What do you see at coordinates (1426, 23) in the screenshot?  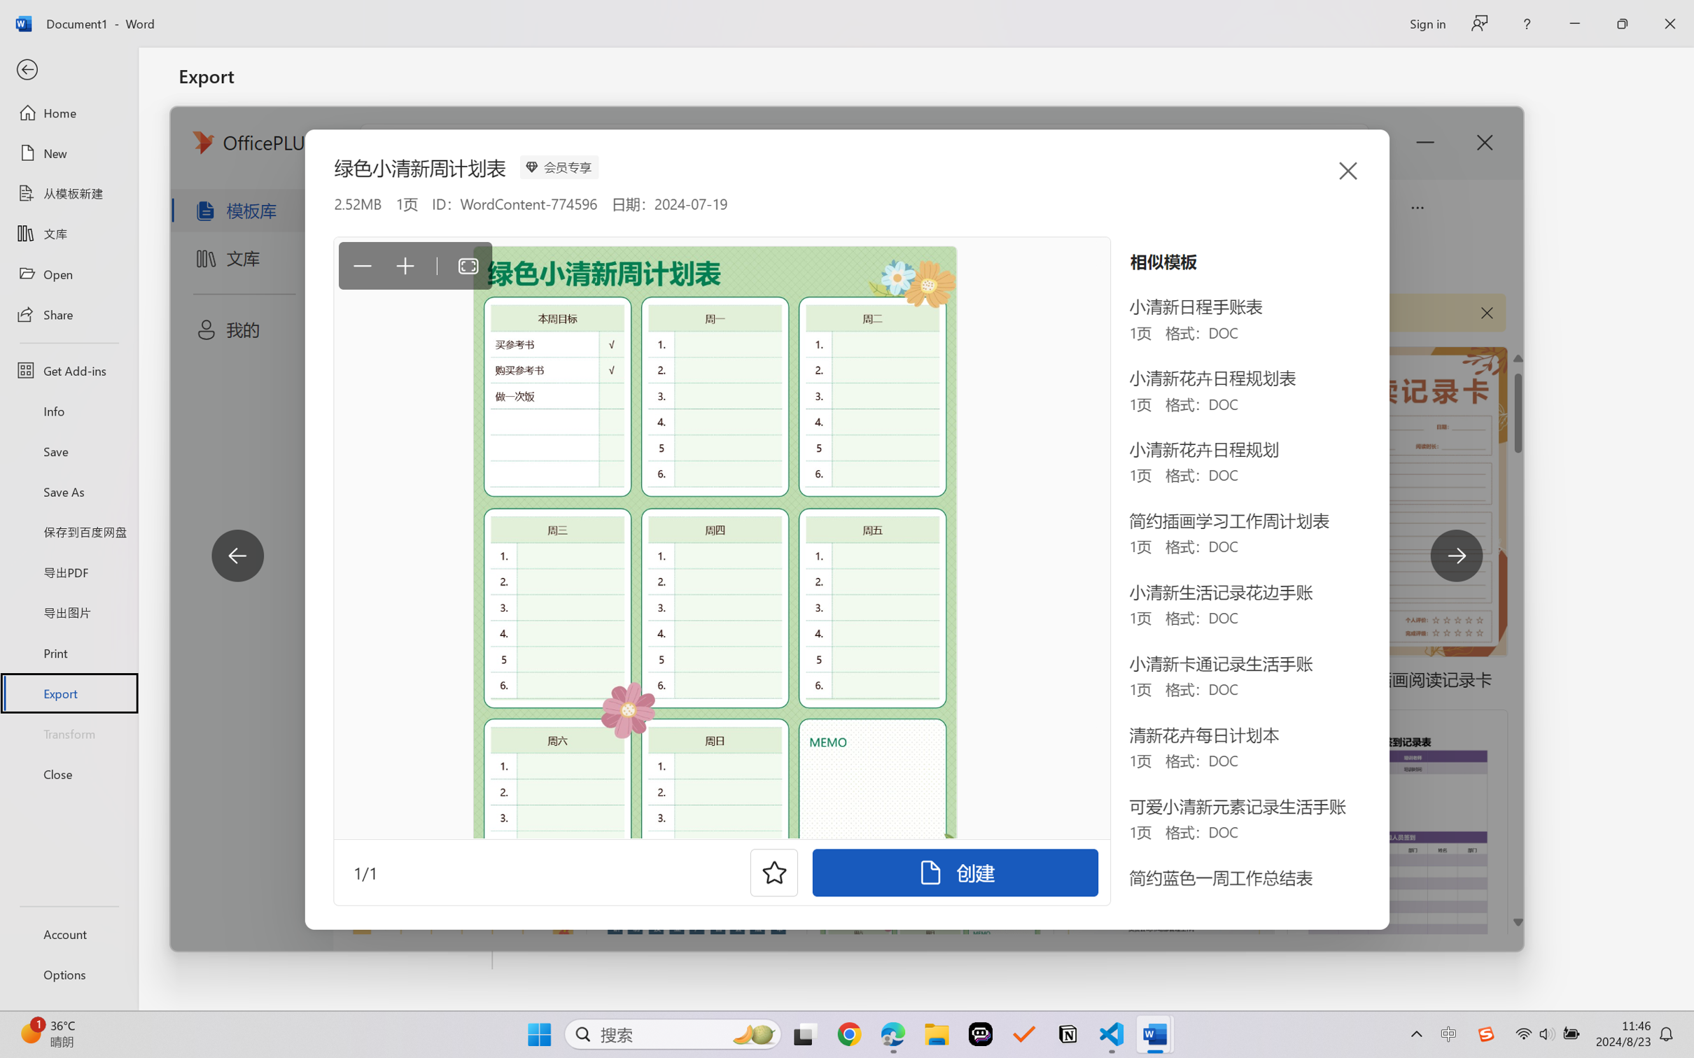 I see `'Sign in'` at bounding box center [1426, 23].